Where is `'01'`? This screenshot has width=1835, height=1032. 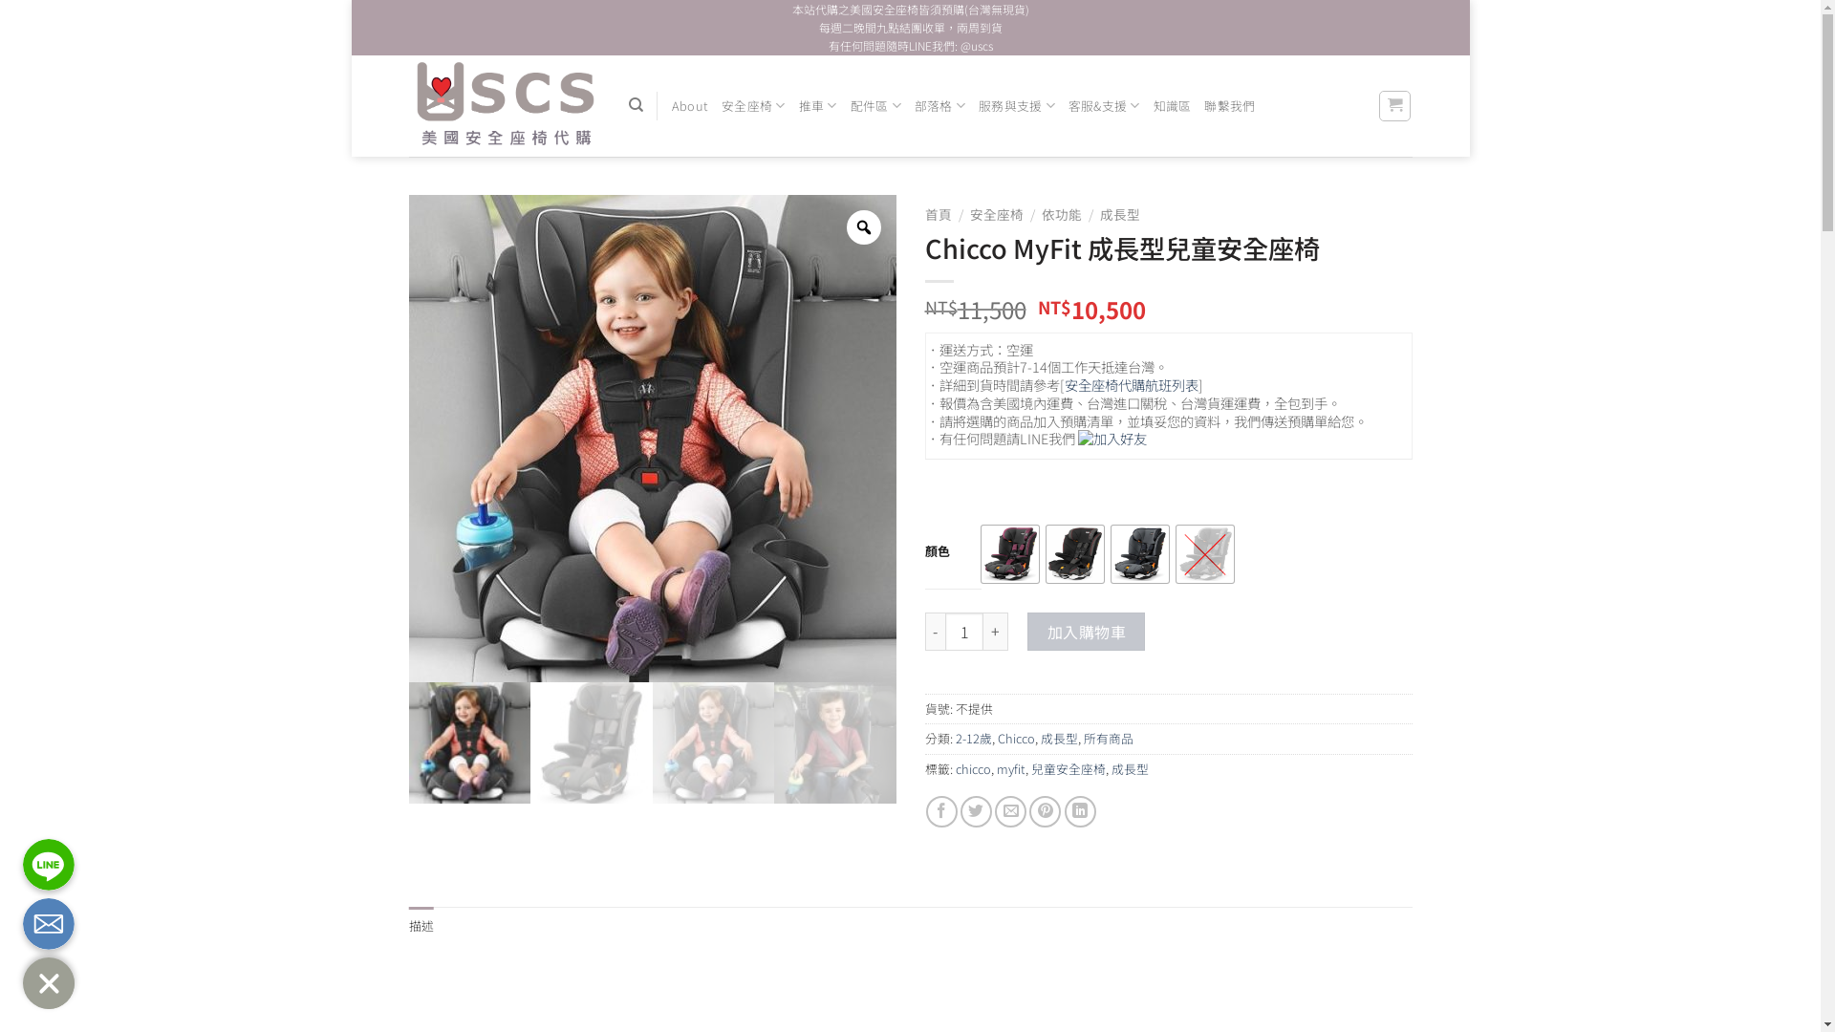 '01' is located at coordinates (407, 439).